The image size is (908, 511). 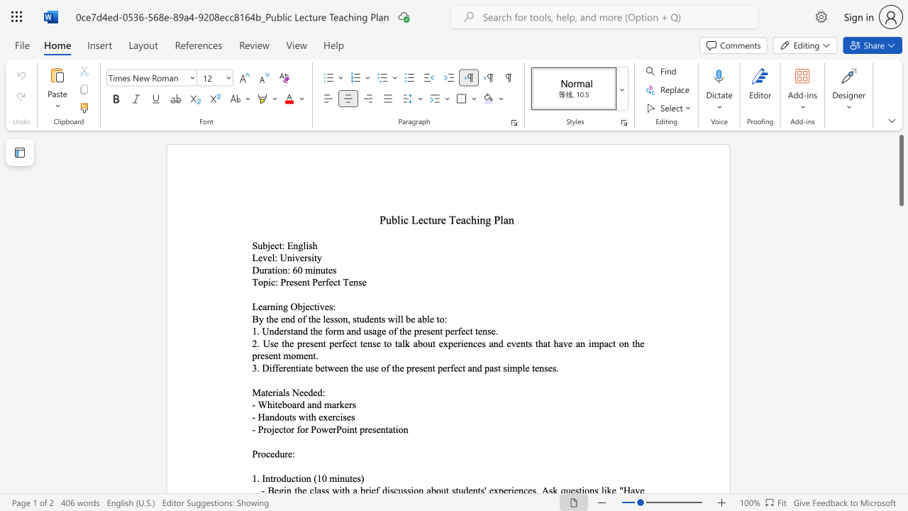 What do you see at coordinates (338, 344) in the screenshot?
I see `the subset text "rfect tense to talk about experiences and e" within the text "2. Use the present perfect tense to talk about experiences and events that have an impact on the present moment."` at bounding box center [338, 344].